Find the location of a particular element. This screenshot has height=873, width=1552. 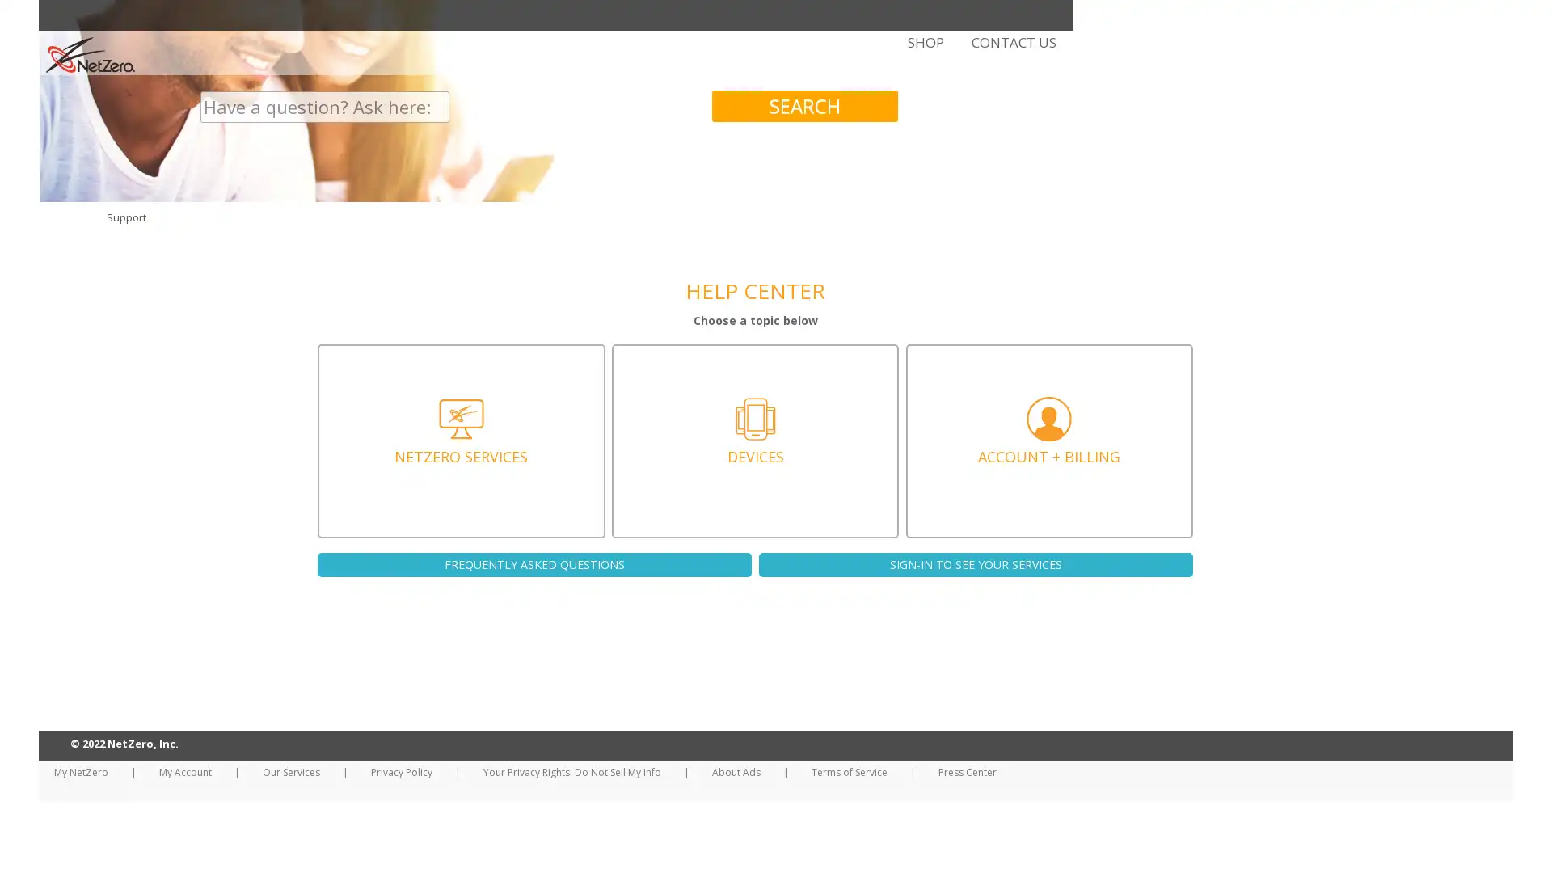

SEARCH is located at coordinates (805, 106).